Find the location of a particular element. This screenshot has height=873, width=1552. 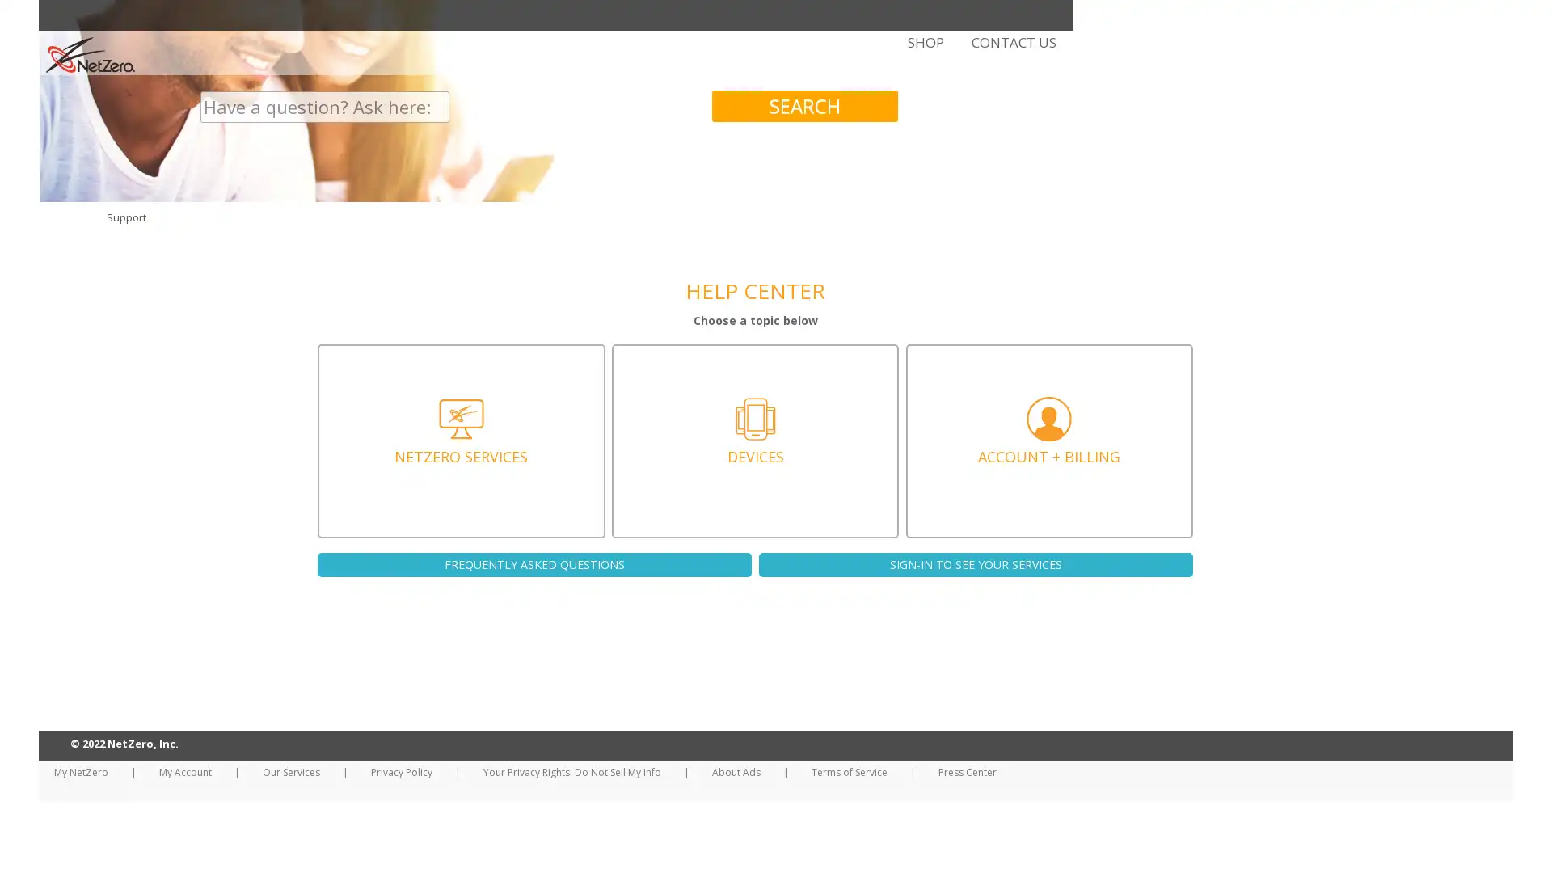

SEARCH is located at coordinates (805, 106).